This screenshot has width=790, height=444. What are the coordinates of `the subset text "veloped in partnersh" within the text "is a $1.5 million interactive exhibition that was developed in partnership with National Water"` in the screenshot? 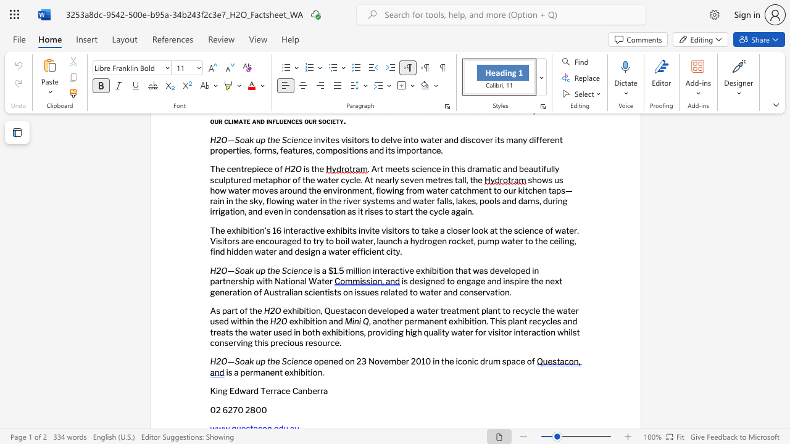 It's located at (499, 269).